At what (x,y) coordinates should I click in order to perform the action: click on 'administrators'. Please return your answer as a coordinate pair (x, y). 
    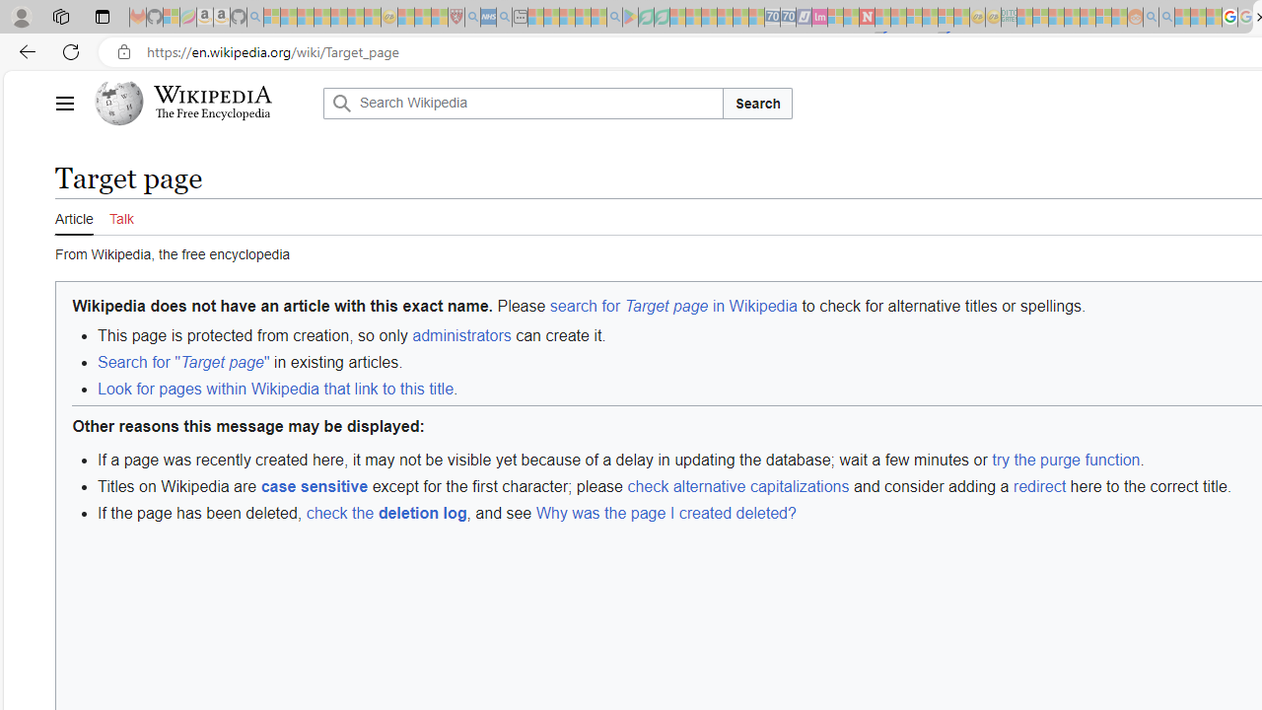
    Looking at the image, I should click on (460, 334).